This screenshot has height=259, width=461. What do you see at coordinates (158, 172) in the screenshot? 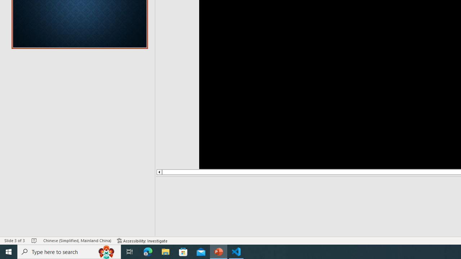
I see `'Line up'` at bounding box center [158, 172].